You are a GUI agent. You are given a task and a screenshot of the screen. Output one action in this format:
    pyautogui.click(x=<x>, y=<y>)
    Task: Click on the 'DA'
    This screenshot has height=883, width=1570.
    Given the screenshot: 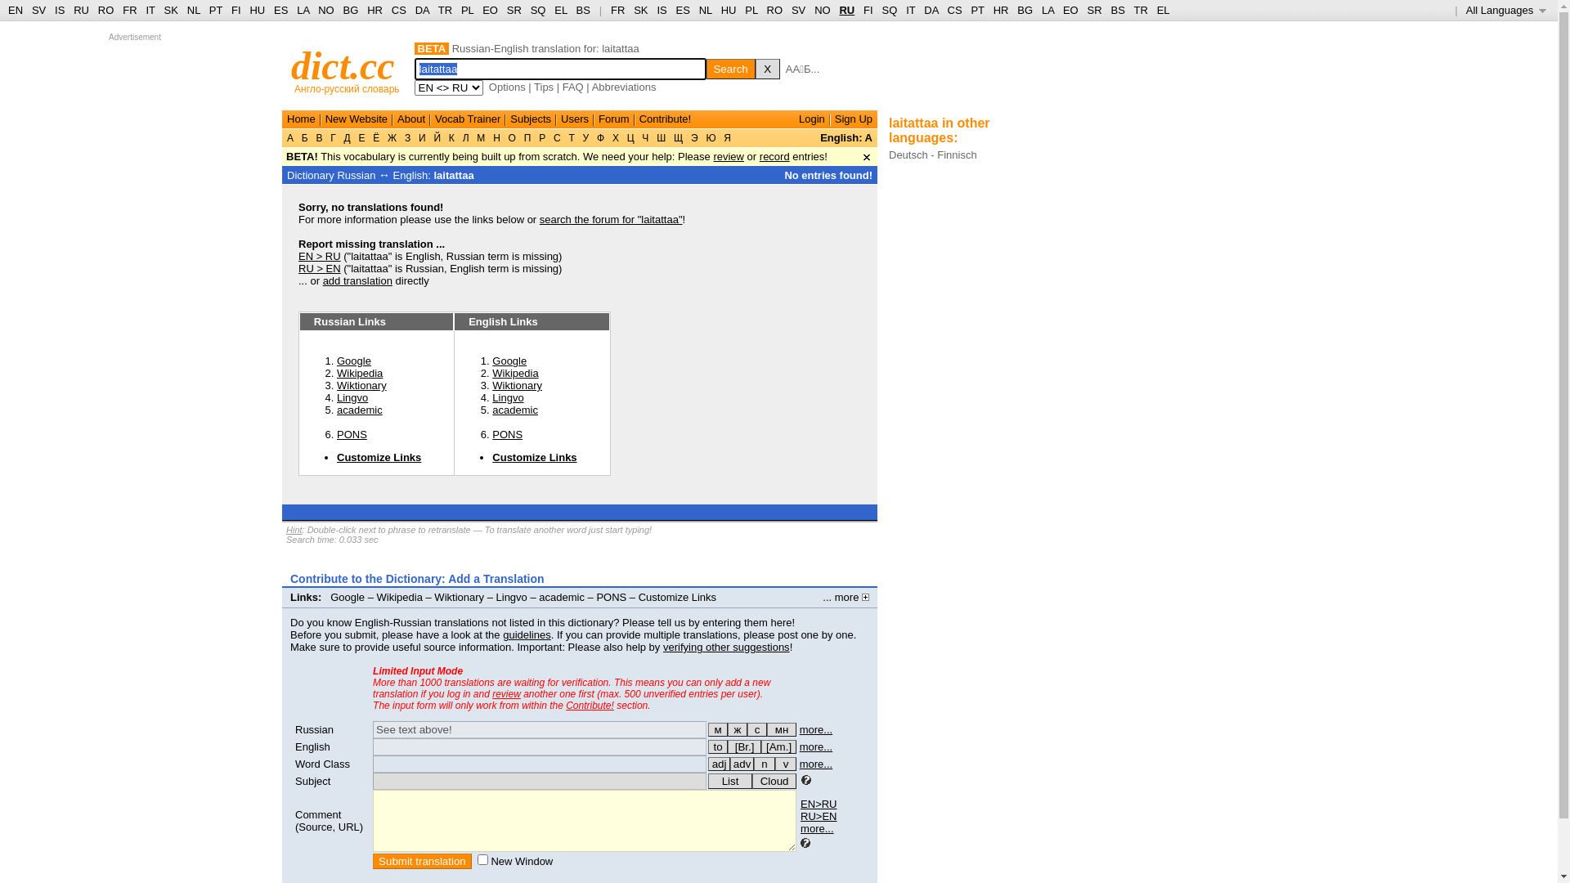 What is the action you would take?
    pyautogui.click(x=931, y=10)
    